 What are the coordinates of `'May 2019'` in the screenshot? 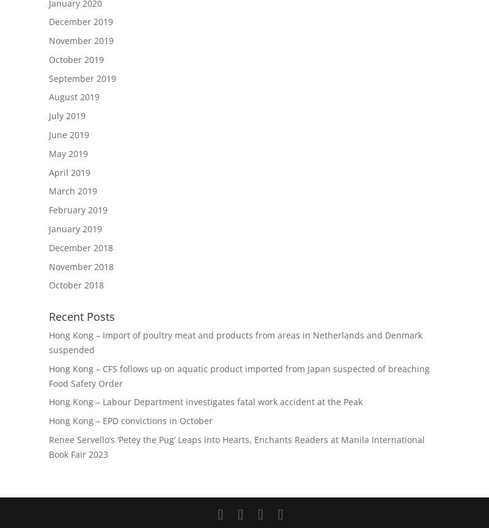 It's located at (68, 153).